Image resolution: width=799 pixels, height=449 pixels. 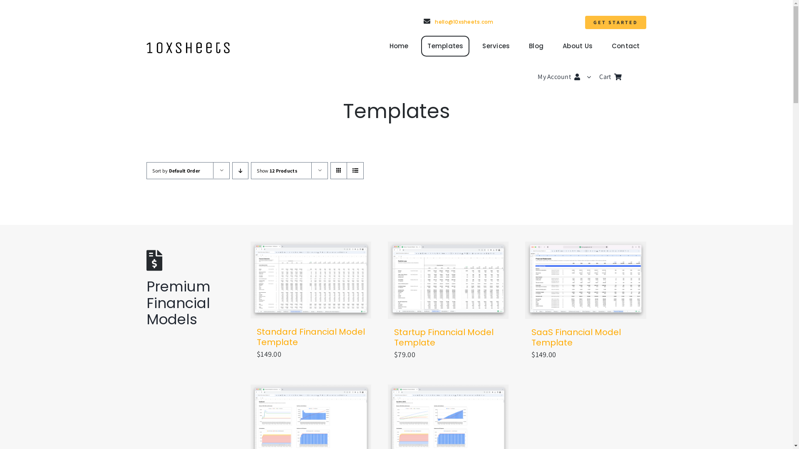 I want to click on 'SaaS Financial Model Template', so click(x=576, y=337).